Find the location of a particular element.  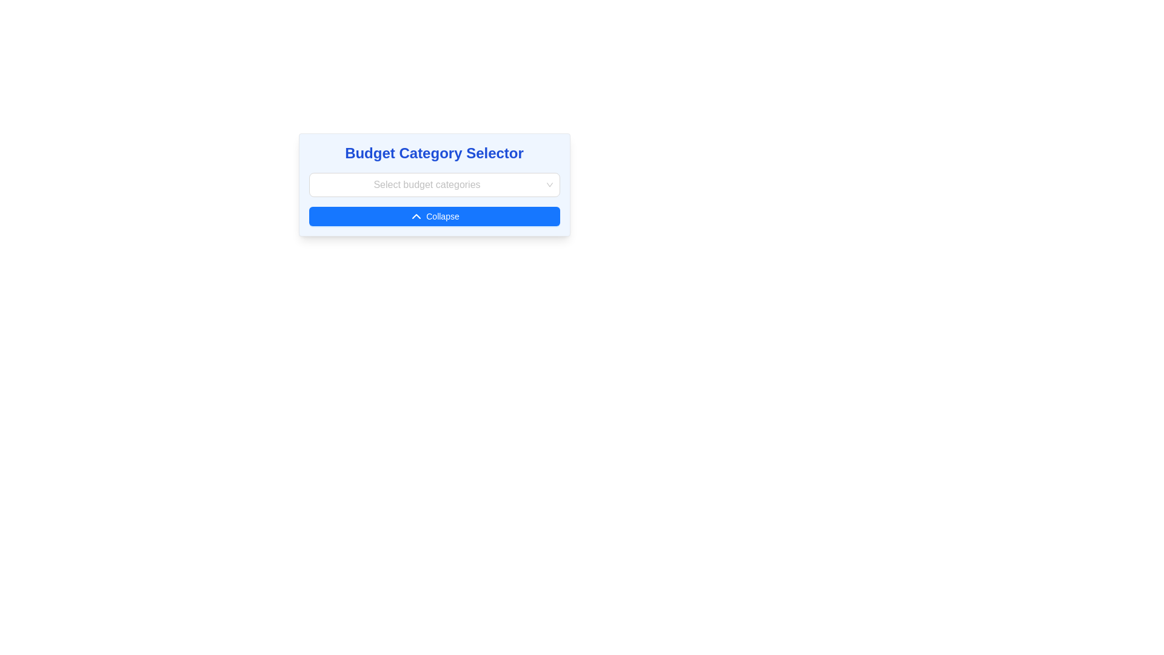

text from the text placeholder labeled 'Select budget categories', which is displayed in light gray color within the dropdown input field is located at coordinates (427, 184).